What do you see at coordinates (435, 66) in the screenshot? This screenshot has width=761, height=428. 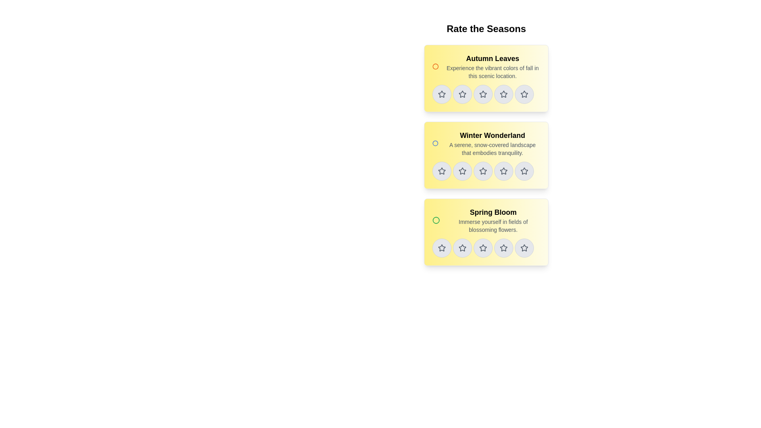 I see `the indicator icon located in the top-left section of the yellow card labeled 'Autumn Leaves', which represents a selected or active state` at bounding box center [435, 66].